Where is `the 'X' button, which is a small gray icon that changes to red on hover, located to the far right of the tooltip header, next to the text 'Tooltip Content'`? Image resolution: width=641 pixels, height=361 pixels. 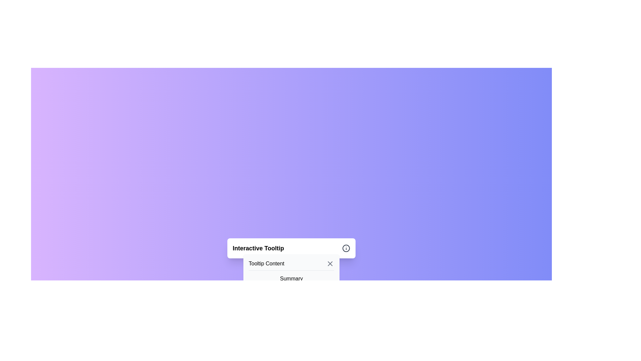 the 'X' button, which is a small gray icon that changes to red on hover, located to the far right of the tooltip header, next to the text 'Tooltip Content' is located at coordinates (330, 263).